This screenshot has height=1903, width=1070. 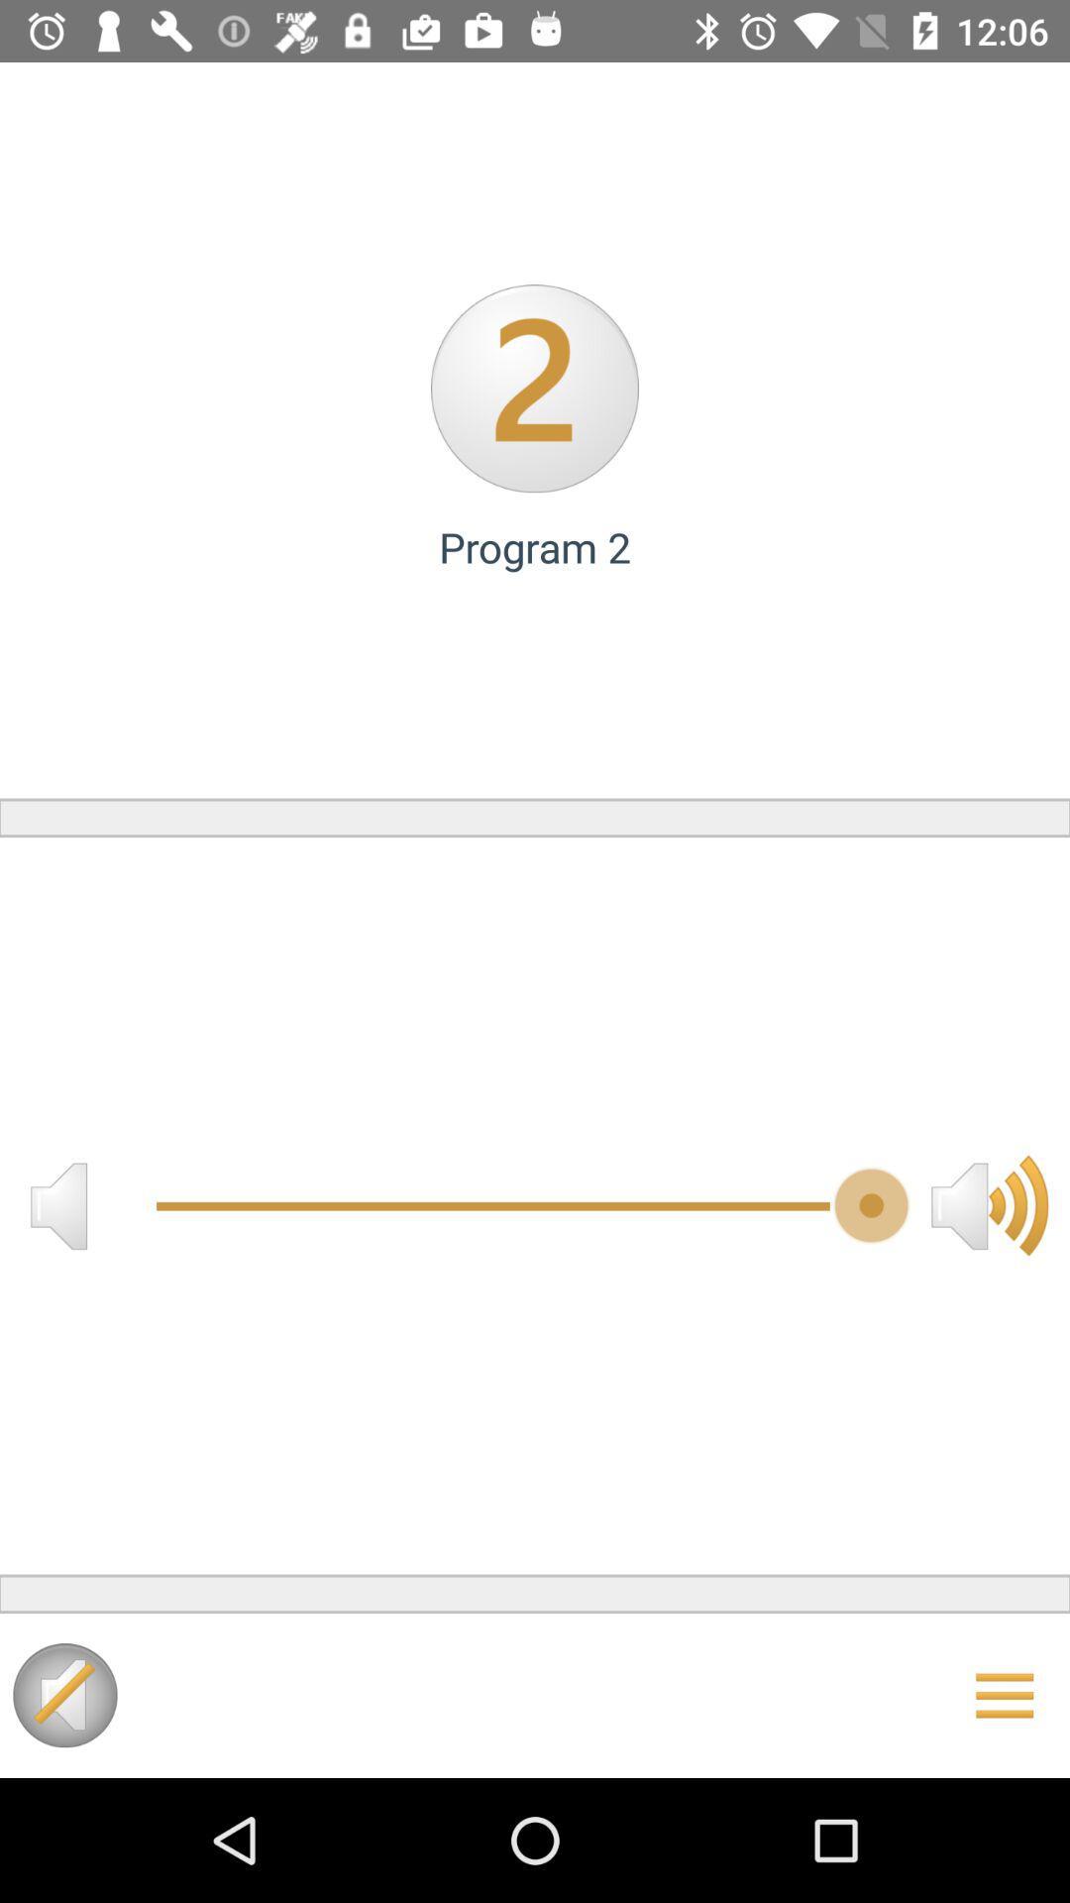 What do you see at coordinates (63, 1694) in the screenshot?
I see `mute` at bounding box center [63, 1694].